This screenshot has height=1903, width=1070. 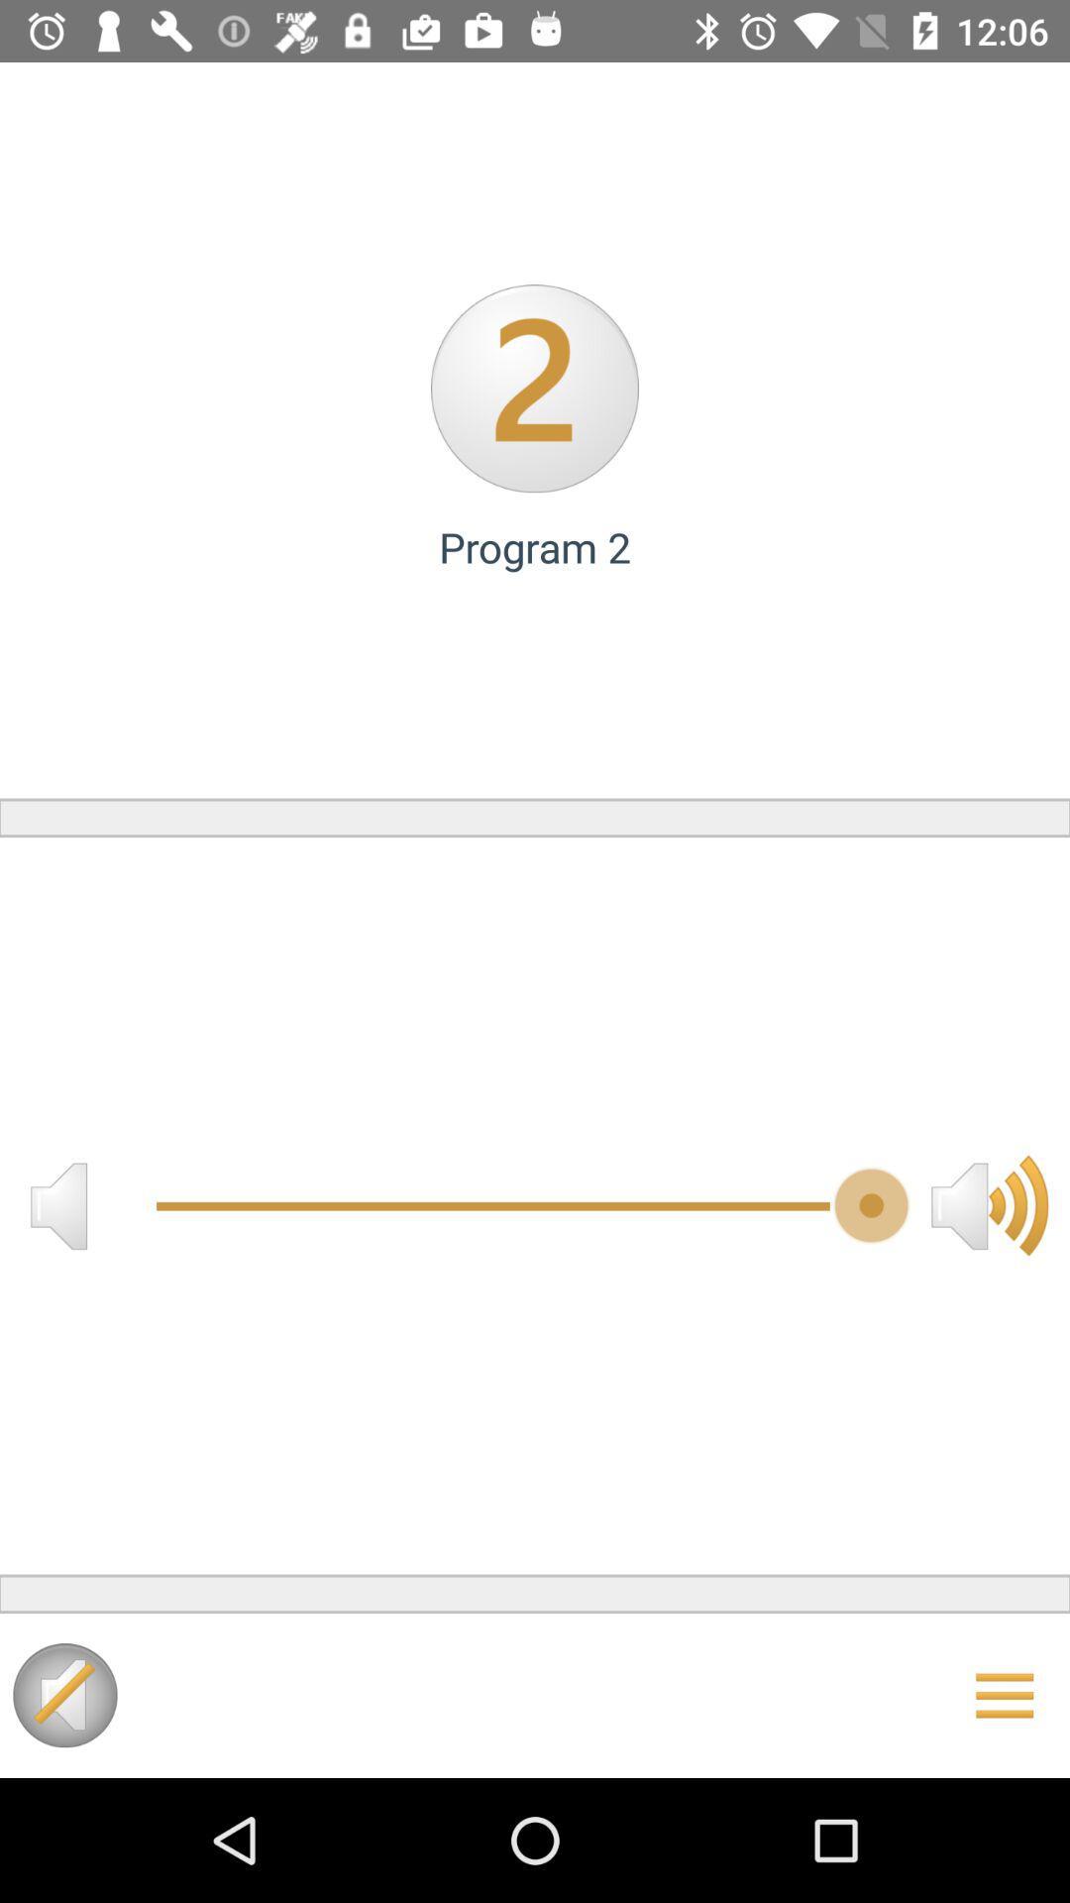 What do you see at coordinates (63, 1694) in the screenshot?
I see `mute` at bounding box center [63, 1694].